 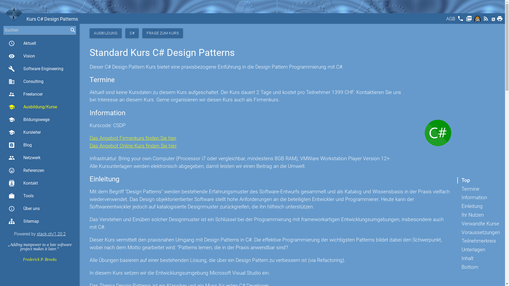 What do you see at coordinates (162, 33) in the screenshot?
I see `'FRAGE ZUM KURS'` at bounding box center [162, 33].